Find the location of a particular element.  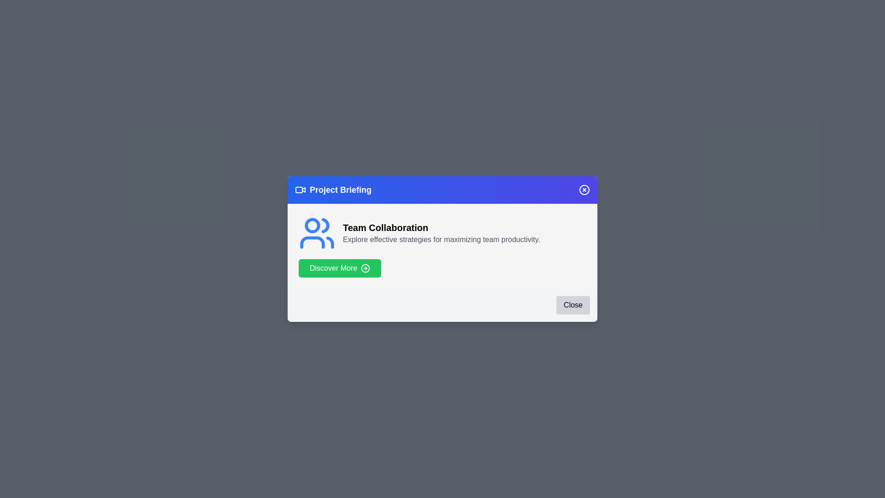

the close icon (X) in the header to close the dialog is located at coordinates (584, 190).